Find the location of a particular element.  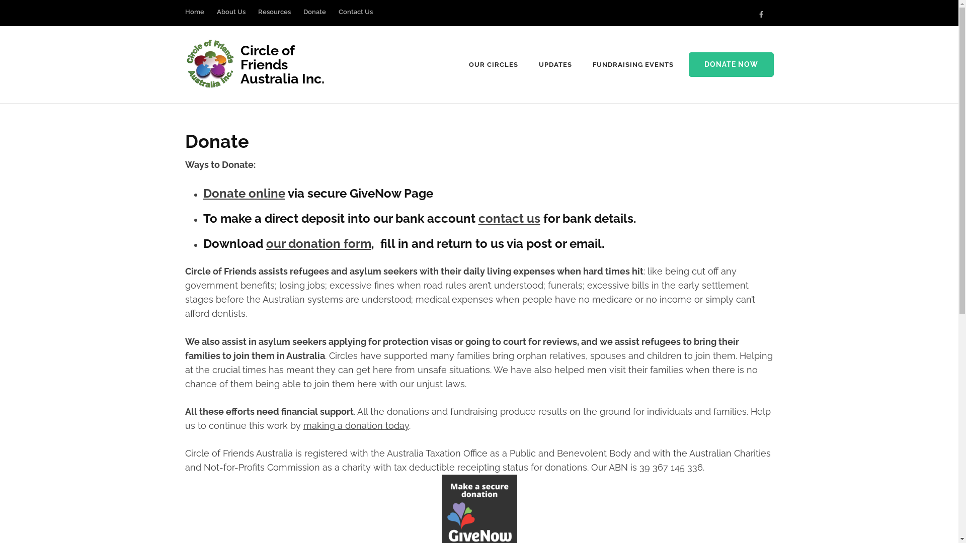

'Home' is located at coordinates (195, 17).